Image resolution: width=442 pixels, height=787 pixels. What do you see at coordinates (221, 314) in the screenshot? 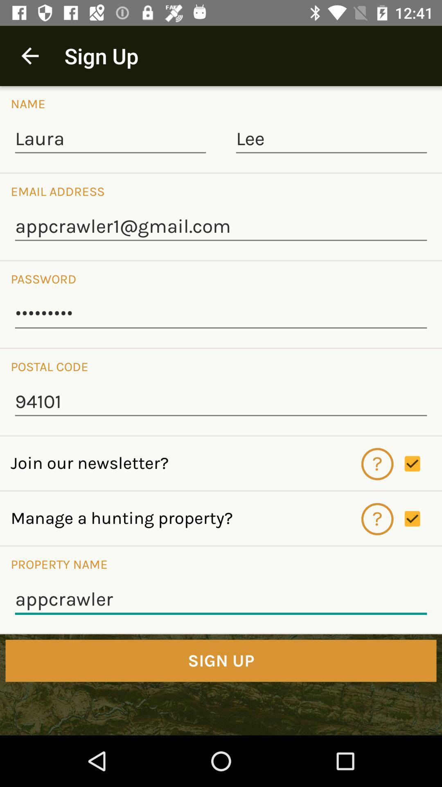
I see `the crowd3116` at bounding box center [221, 314].